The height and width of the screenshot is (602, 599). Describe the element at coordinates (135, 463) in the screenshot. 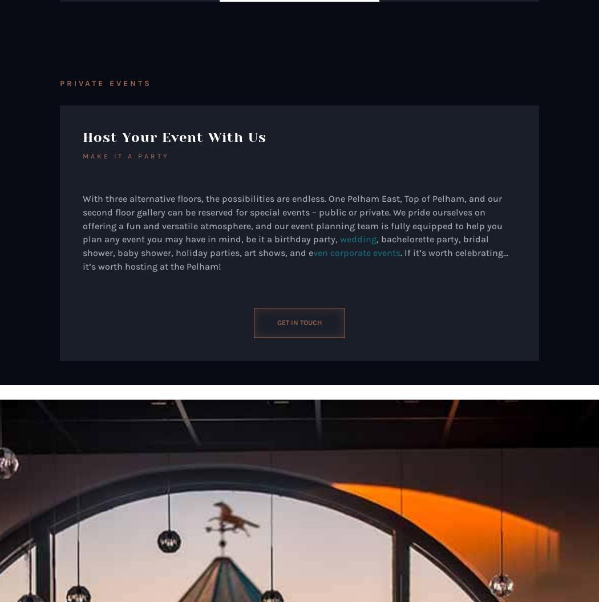

I see `'ONE PELHAM EAST'` at that location.